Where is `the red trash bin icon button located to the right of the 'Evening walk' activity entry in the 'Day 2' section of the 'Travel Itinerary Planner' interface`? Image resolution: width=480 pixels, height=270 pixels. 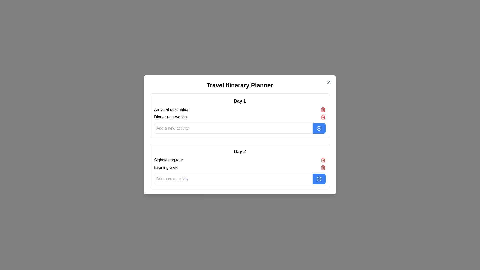 the red trash bin icon button located to the right of the 'Evening walk' activity entry in the 'Day 2' section of the 'Travel Itinerary Planner' interface is located at coordinates (323, 168).